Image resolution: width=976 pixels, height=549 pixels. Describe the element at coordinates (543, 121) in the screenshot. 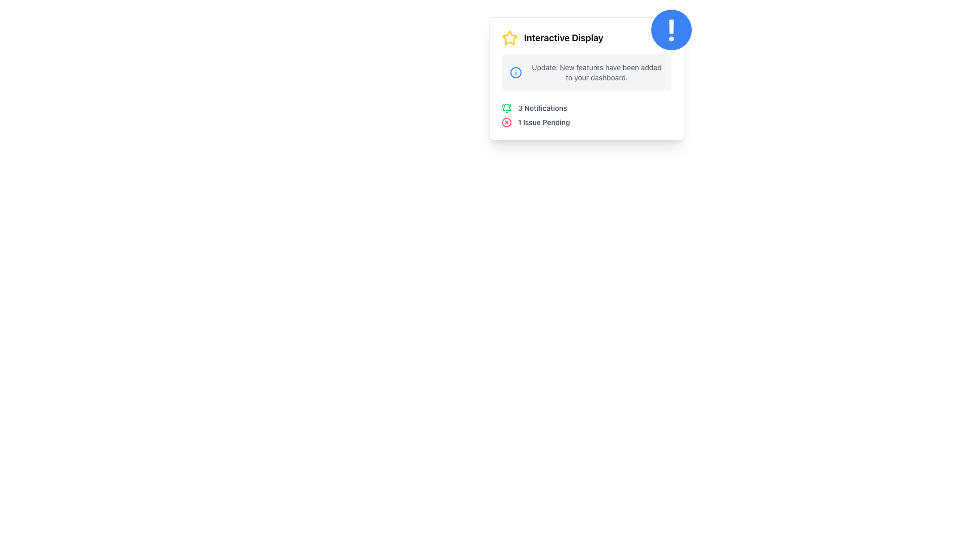

I see `the informational text label displaying '1 Issue Pending' located in the bottom-left corner of the '3 Notifications' box` at that location.